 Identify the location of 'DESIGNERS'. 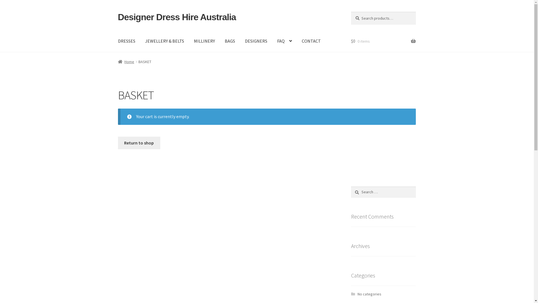
(256, 41).